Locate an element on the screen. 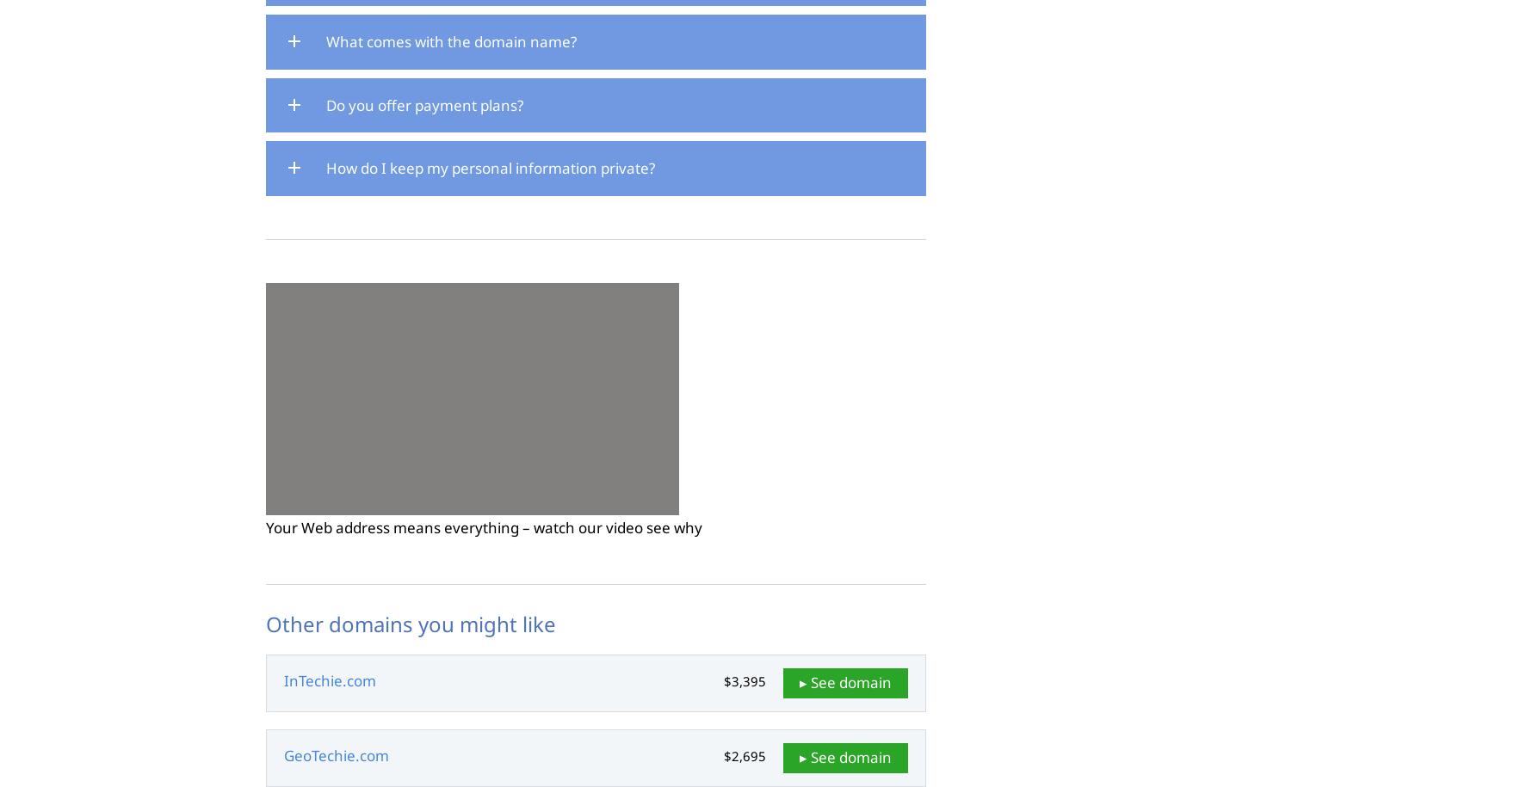  'Do you offer payment plans?' is located at coordinates (424, 104).